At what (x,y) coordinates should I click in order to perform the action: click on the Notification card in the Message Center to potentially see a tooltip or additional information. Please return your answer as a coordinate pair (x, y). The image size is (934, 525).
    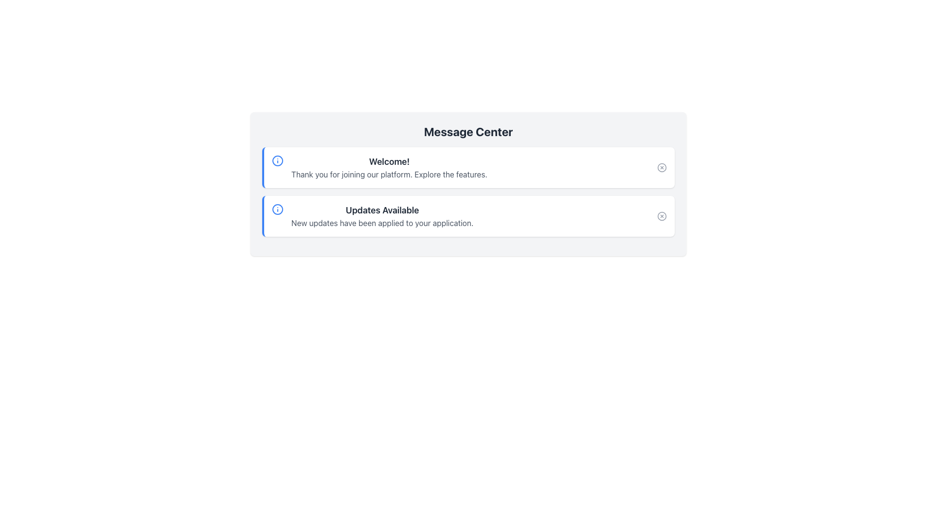
    Looking at the image, I should click on (468, 215).